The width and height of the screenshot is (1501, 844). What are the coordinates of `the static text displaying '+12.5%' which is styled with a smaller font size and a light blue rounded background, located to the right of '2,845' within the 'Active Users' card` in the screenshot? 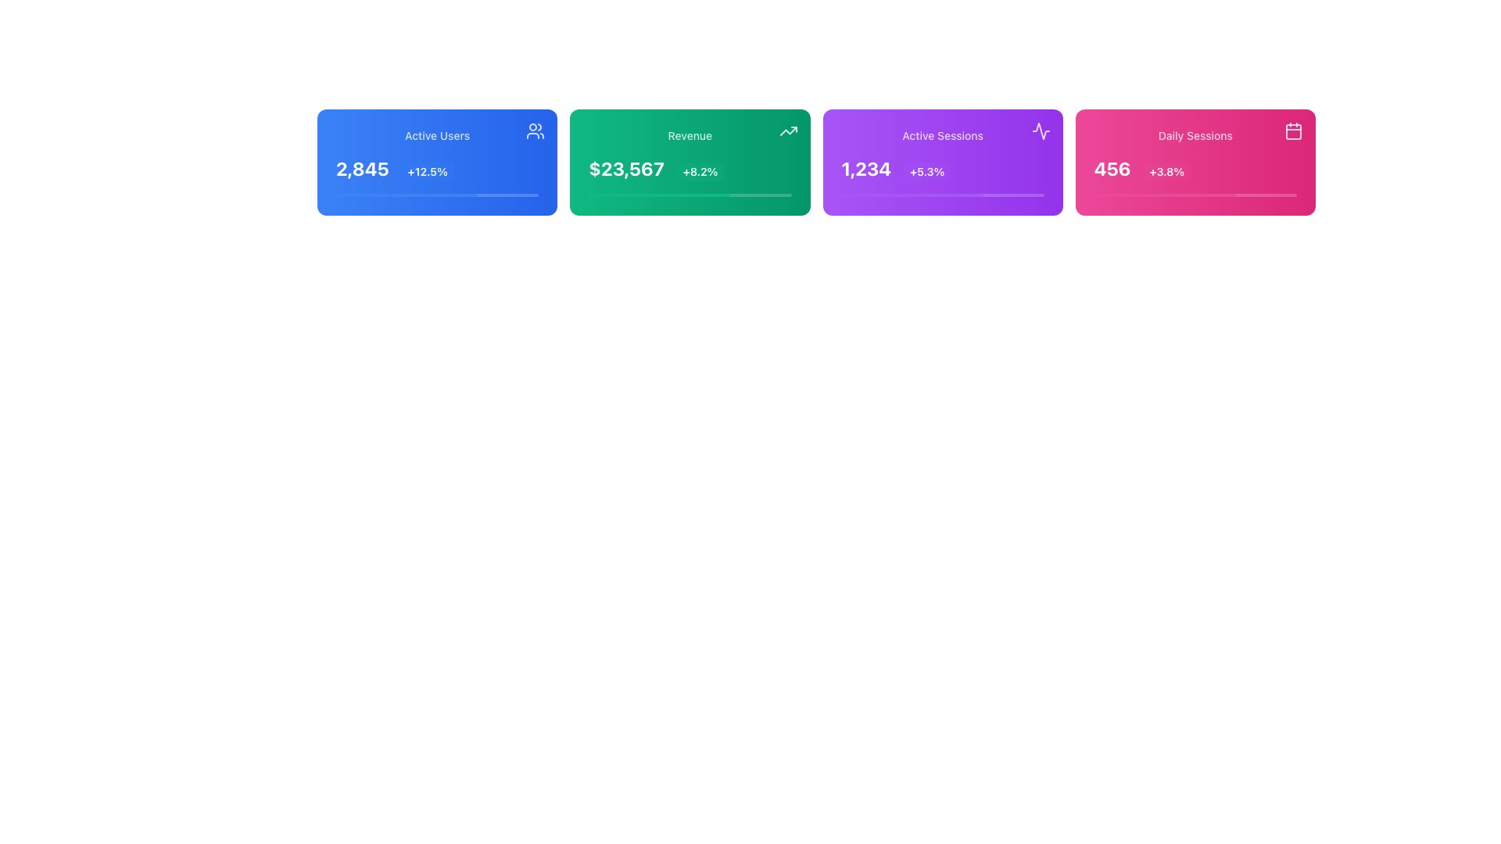 It's located at (428, 171).